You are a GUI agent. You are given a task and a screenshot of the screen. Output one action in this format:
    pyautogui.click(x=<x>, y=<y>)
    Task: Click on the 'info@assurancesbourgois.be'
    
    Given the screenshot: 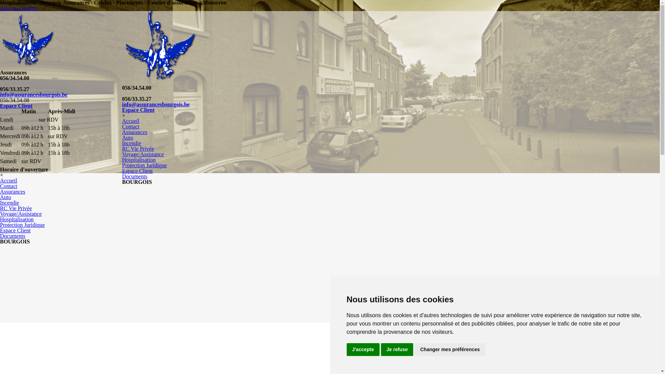 What is the action you would take?
    pyautogui.click(x=33, y=95)
    